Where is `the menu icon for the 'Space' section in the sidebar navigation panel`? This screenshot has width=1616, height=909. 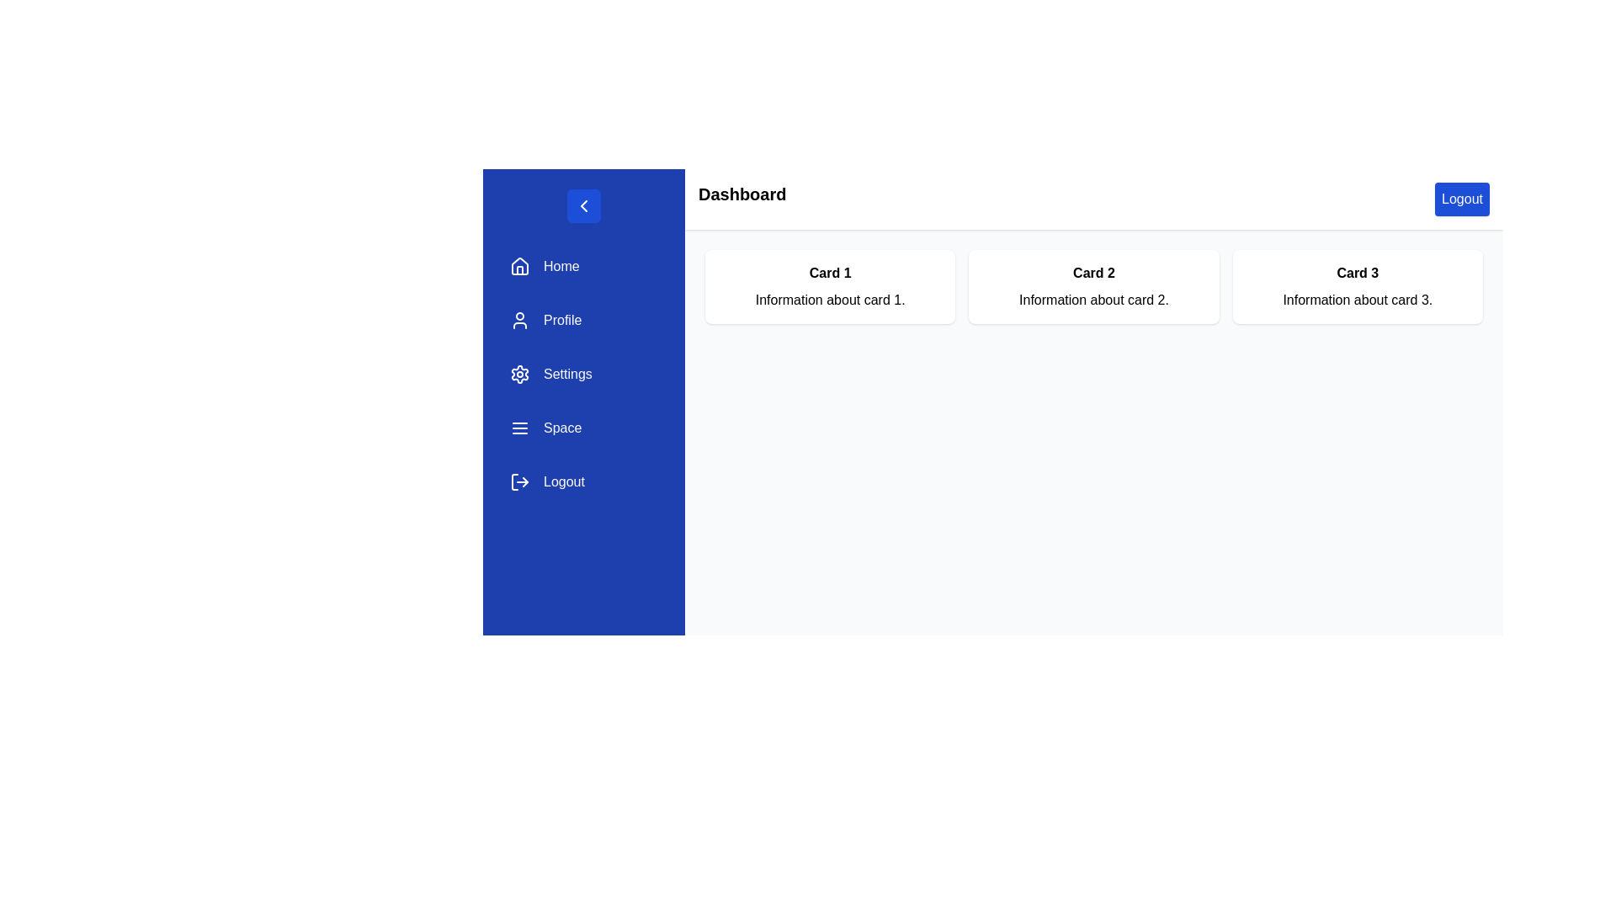
the menu icon for the 'Space' section in the sidebar navigation panel is located at coordinates (519, 428).